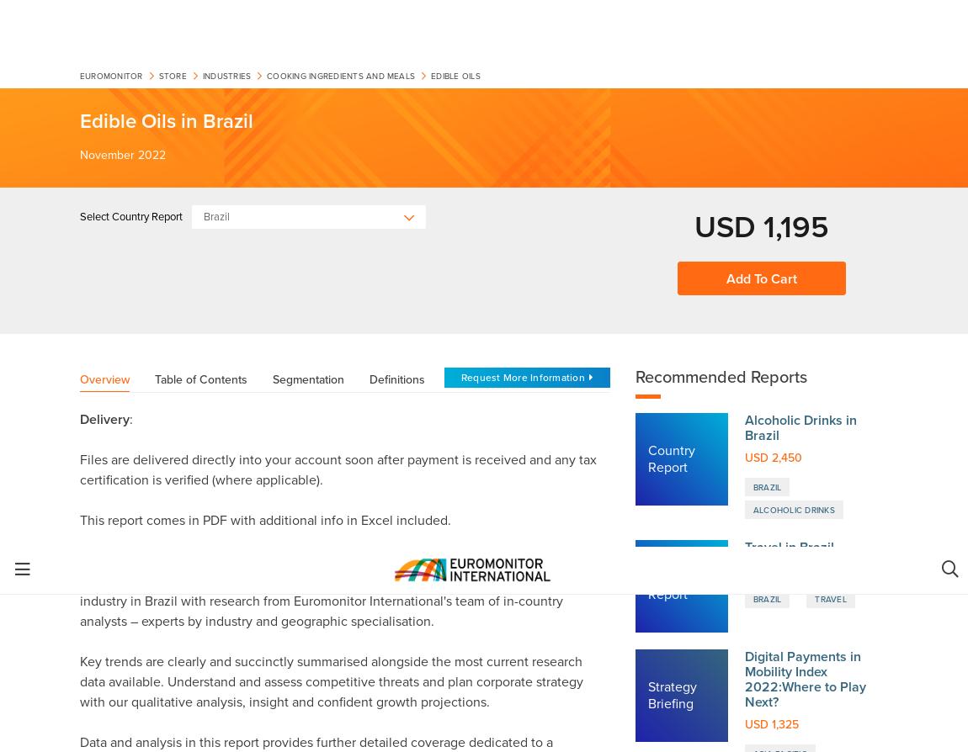 The image size is (968, 752). I want to click on 'Track key industry trends, opportunities and threats', so click(772, 453).